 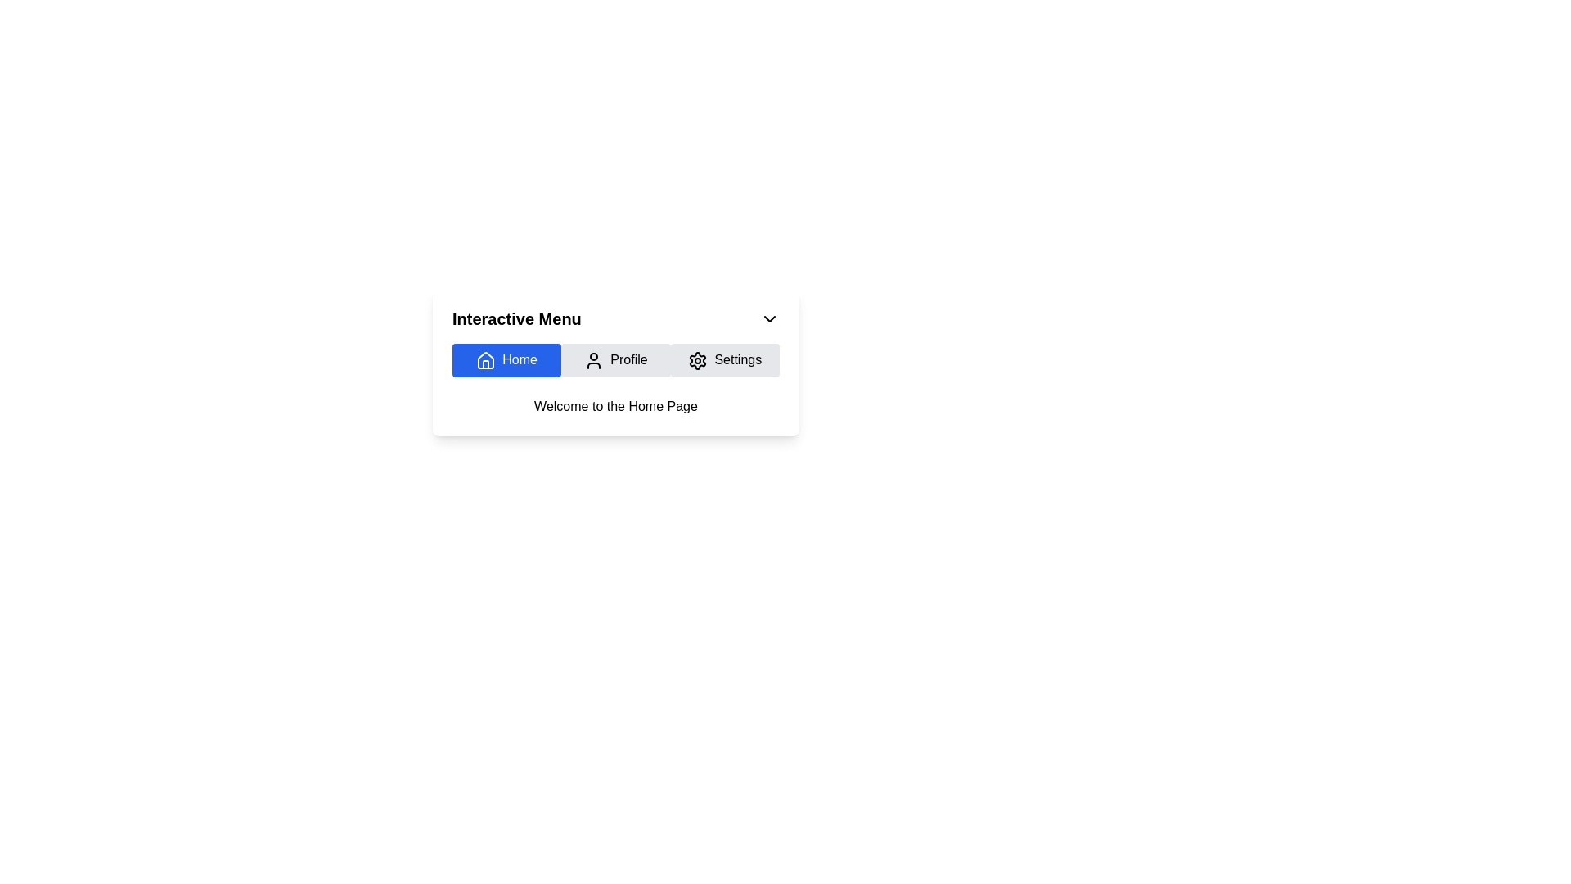 What do you see at coordinates (615, 405) in the screenshot?
I see `the informational header text display that welcomes users to the home page, positioned below the 'Interactive Menu' title and navigation options` at bounding box center [615, 405].